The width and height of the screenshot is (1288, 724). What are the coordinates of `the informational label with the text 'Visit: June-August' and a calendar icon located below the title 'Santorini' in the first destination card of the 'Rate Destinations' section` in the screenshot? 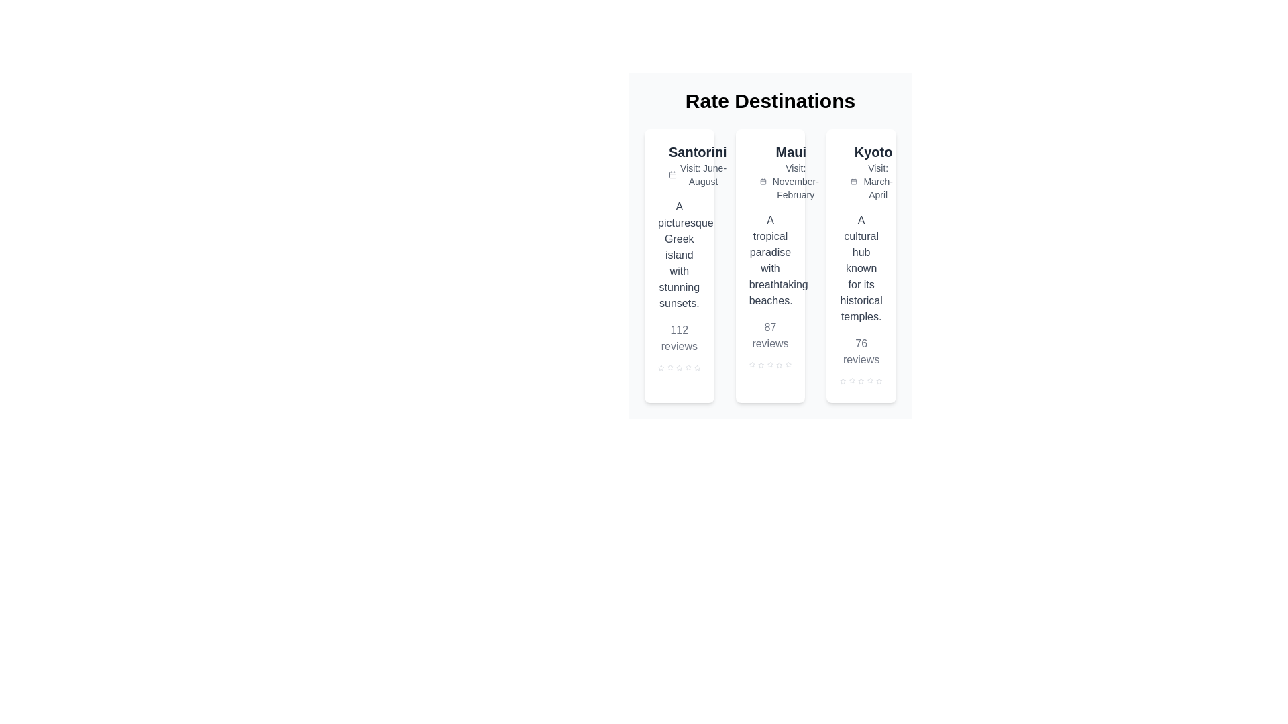 It's located at (698, 174).